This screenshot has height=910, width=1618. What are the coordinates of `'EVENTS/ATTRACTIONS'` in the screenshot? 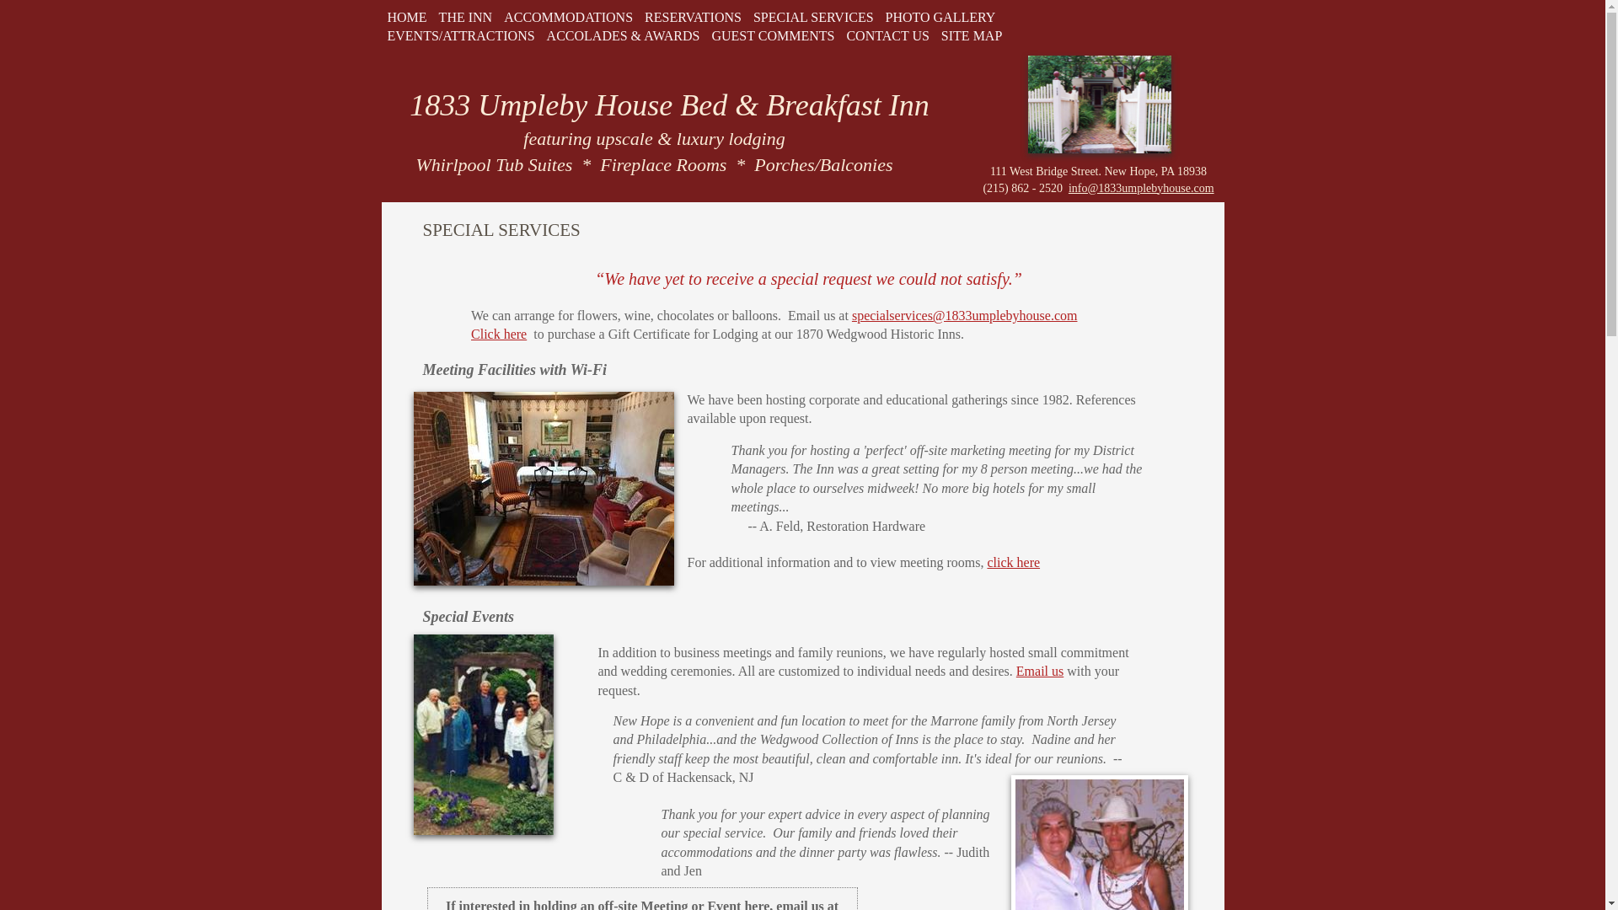 It's located at (379, 35).